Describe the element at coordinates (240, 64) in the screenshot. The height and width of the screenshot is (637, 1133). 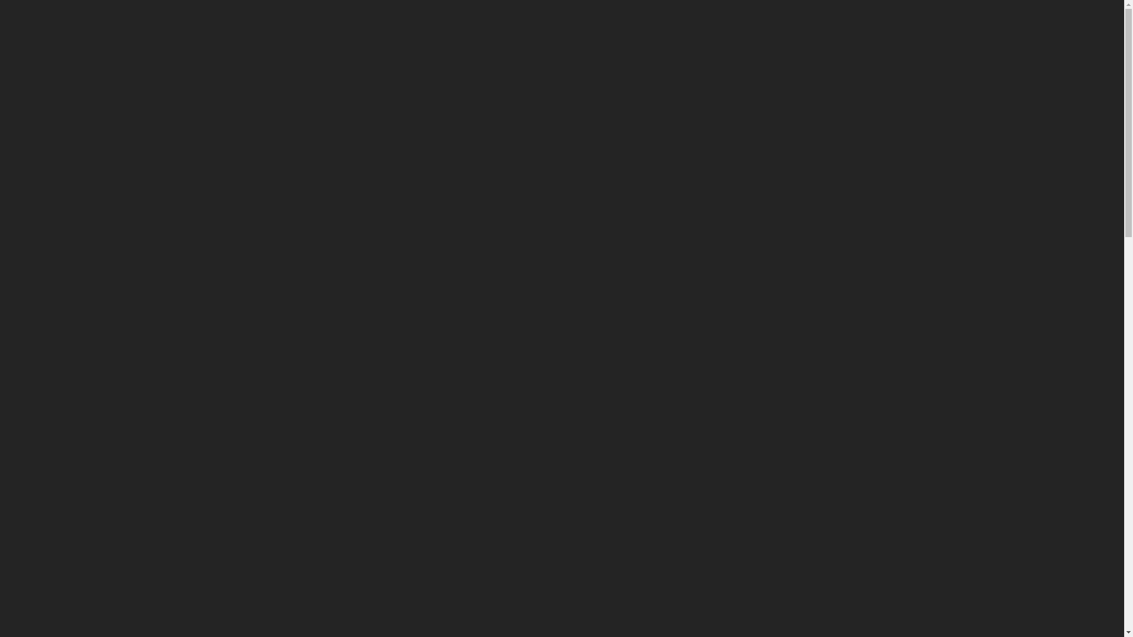
I see `'HOME'` at that location.